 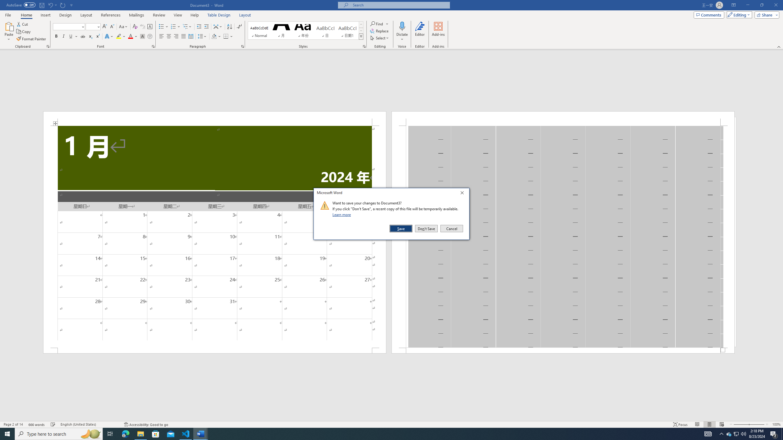 What do you see at coordinates (747, 5) in the screenshot?
I see `'Minimize'` at bounding box center [747, 5].